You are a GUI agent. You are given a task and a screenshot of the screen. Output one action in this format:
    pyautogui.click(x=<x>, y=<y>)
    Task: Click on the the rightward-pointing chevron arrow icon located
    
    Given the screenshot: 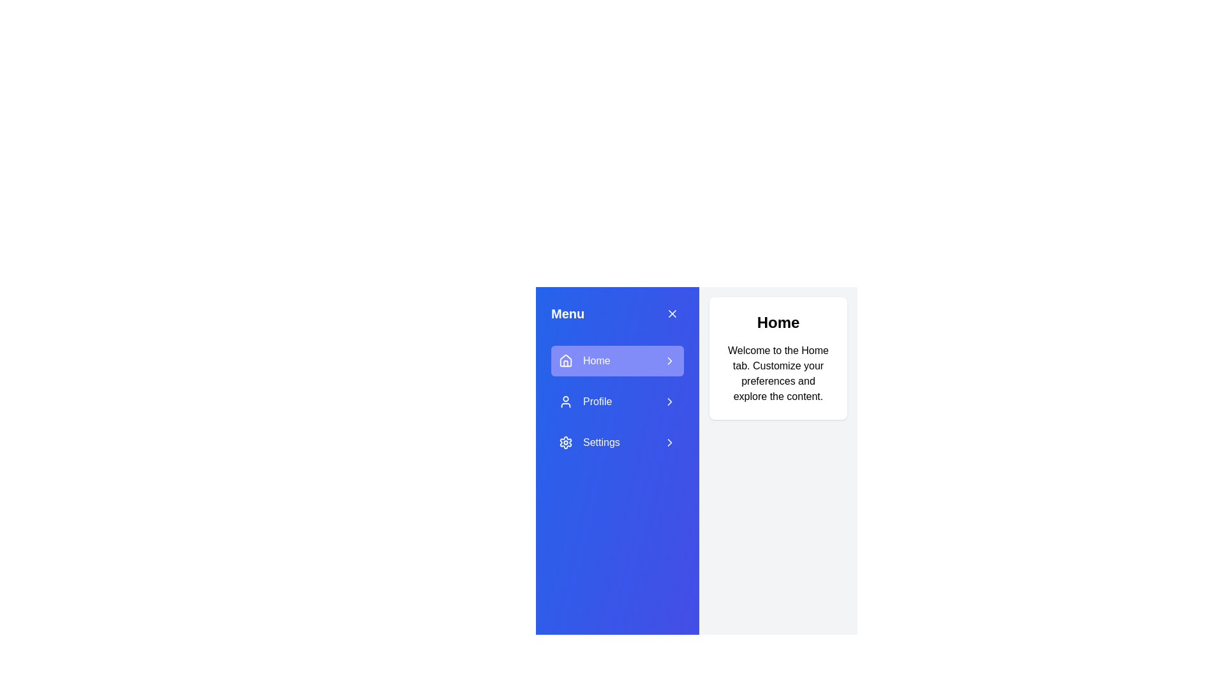 What is the action you would take?
    pyautogui.click(x=669, y=361)
    